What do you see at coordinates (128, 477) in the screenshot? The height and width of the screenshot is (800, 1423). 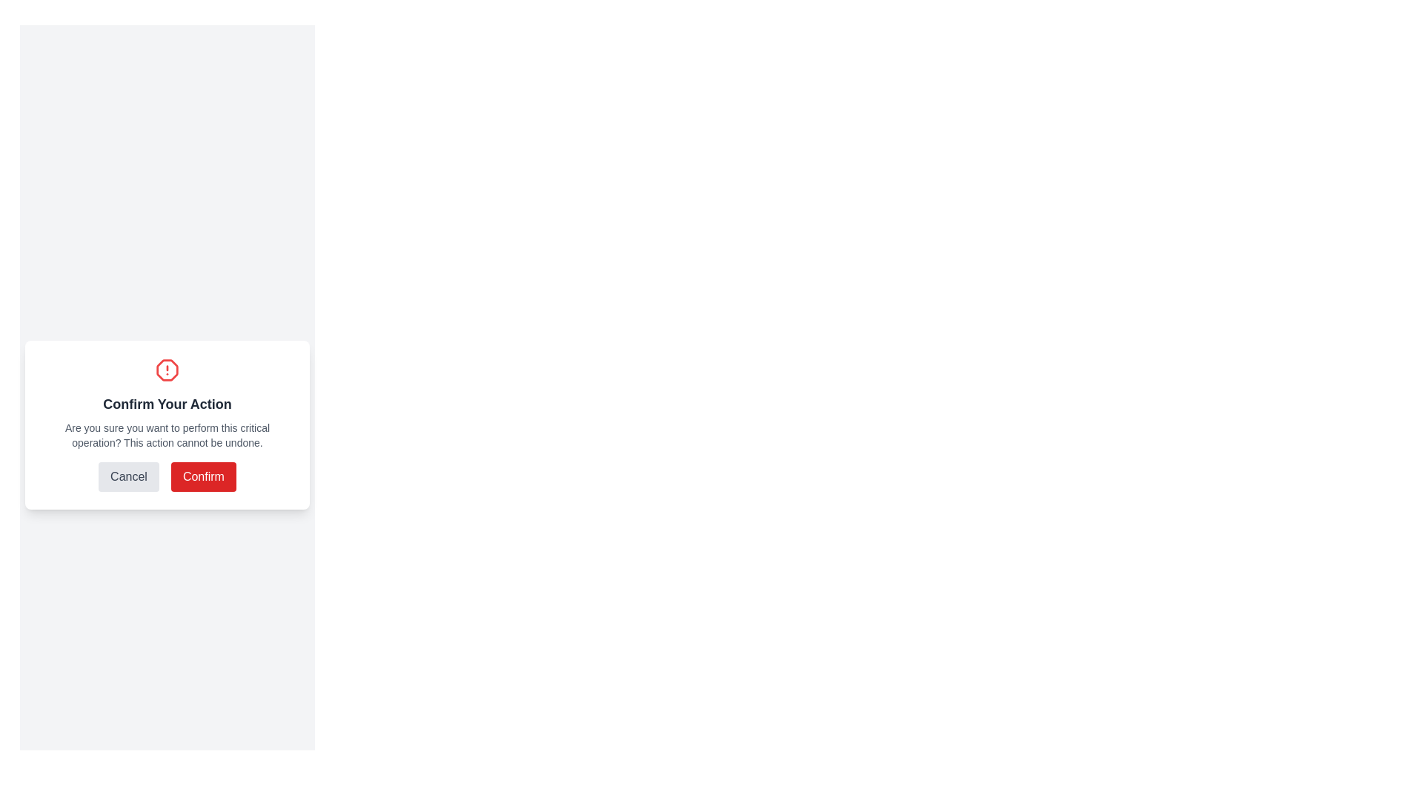 I see `the cancel button located at the bottom of the confirmation dialog box` at bounding box center [128, 477].